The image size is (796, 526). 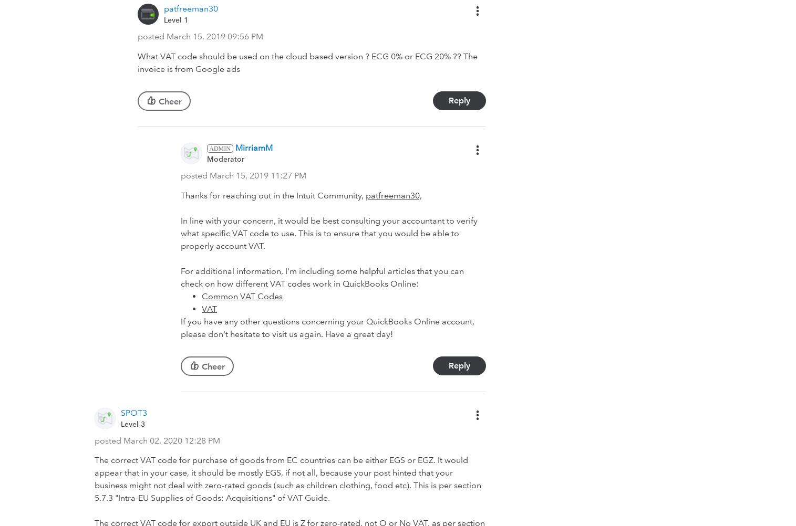 I want to click on '12:28 PM', so click(x=202, y=440).